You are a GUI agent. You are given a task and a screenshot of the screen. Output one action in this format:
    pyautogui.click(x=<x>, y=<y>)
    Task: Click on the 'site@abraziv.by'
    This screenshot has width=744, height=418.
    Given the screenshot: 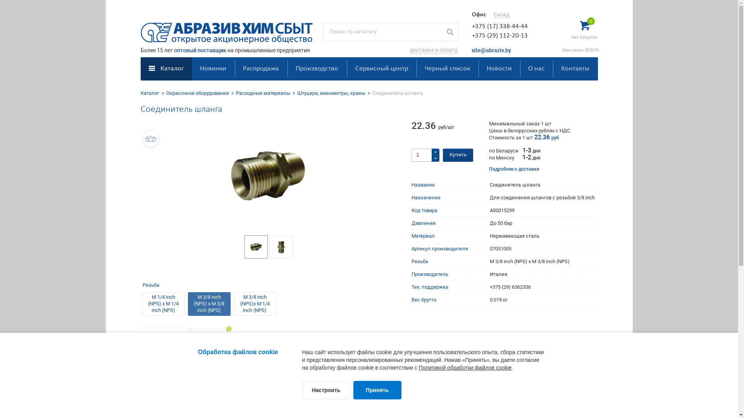 What is the action you would take?
    pyautogui.click(x=470, y=50)
    